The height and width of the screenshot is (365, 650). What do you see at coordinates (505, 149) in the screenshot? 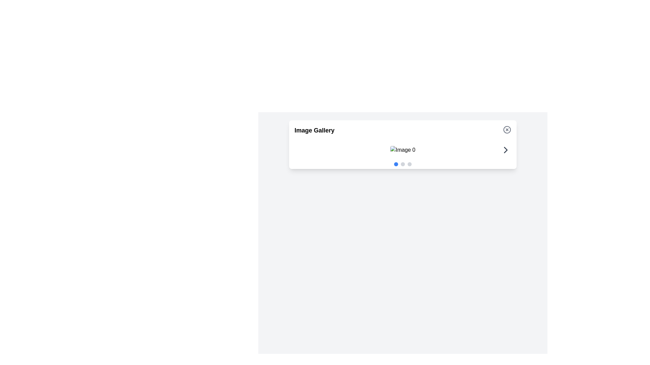
I see `the chevron-shaped button pointing to the right, styled in dark gray, located on the right edge of the image gallery interface` at bounding box center [505, 149].